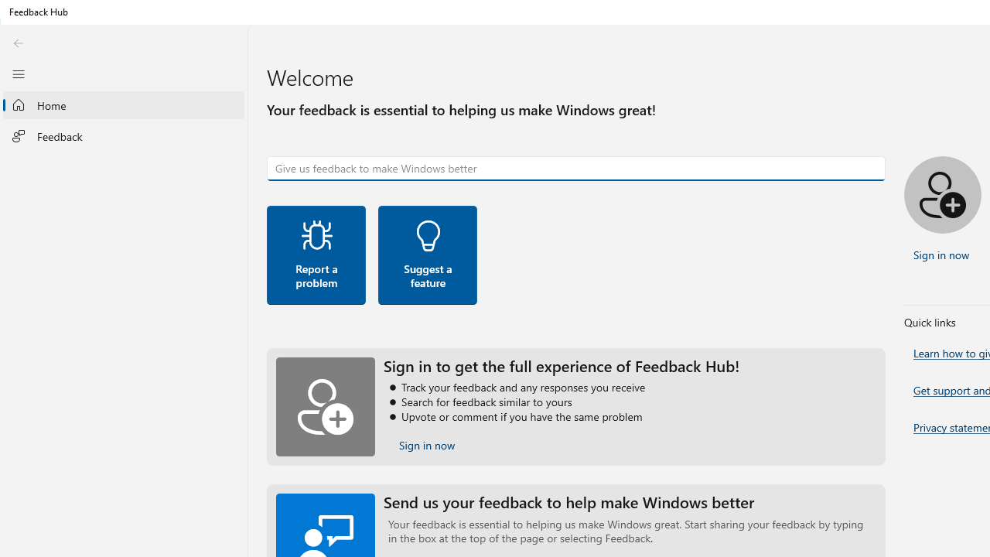  What do you see at coordinates (427, 254) in the screenshot?
I see `'Suggest a feature'` at bounding box center [427, 254].